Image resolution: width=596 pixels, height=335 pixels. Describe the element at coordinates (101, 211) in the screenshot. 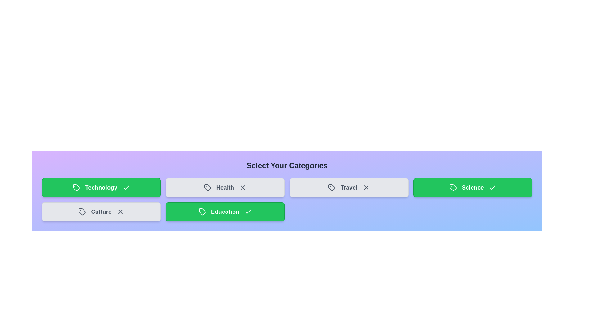

I see `the category tile labeled Culture` at that location.